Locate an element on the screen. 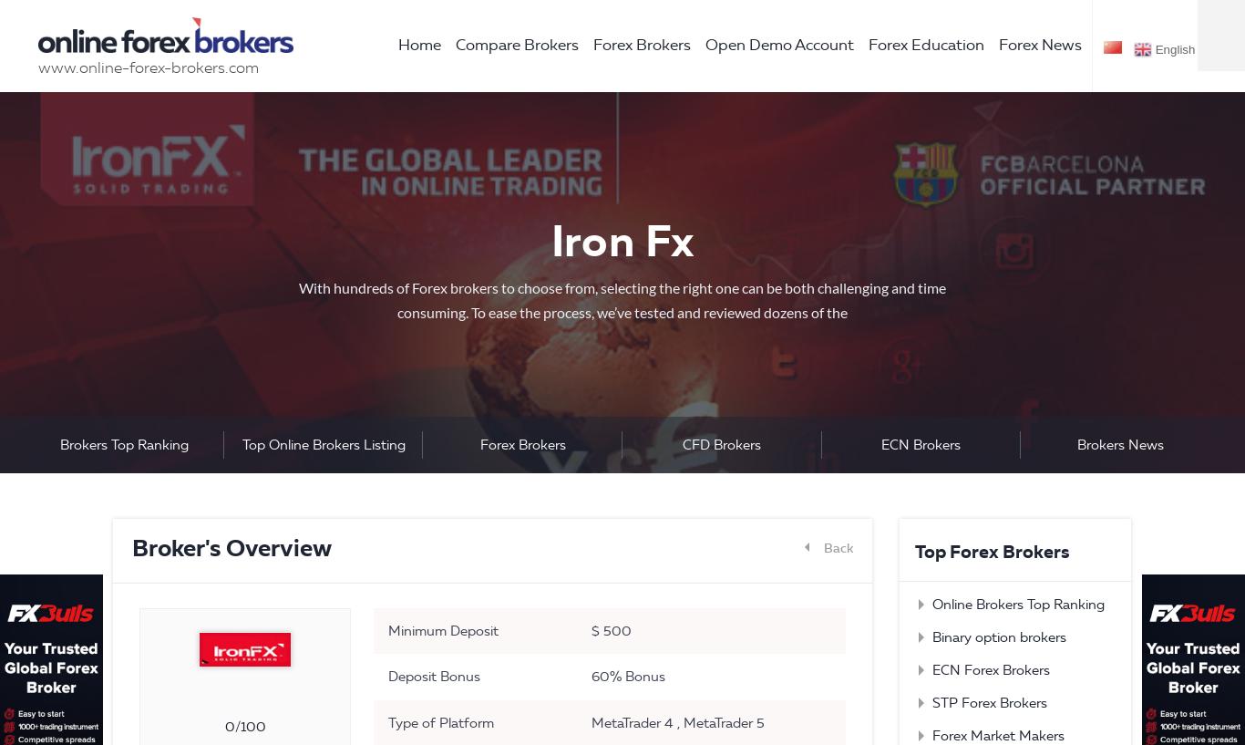 This screenshot has width=1245, height=745. 'Top Online Brokers Listing' is located at coordinates (322, 444).